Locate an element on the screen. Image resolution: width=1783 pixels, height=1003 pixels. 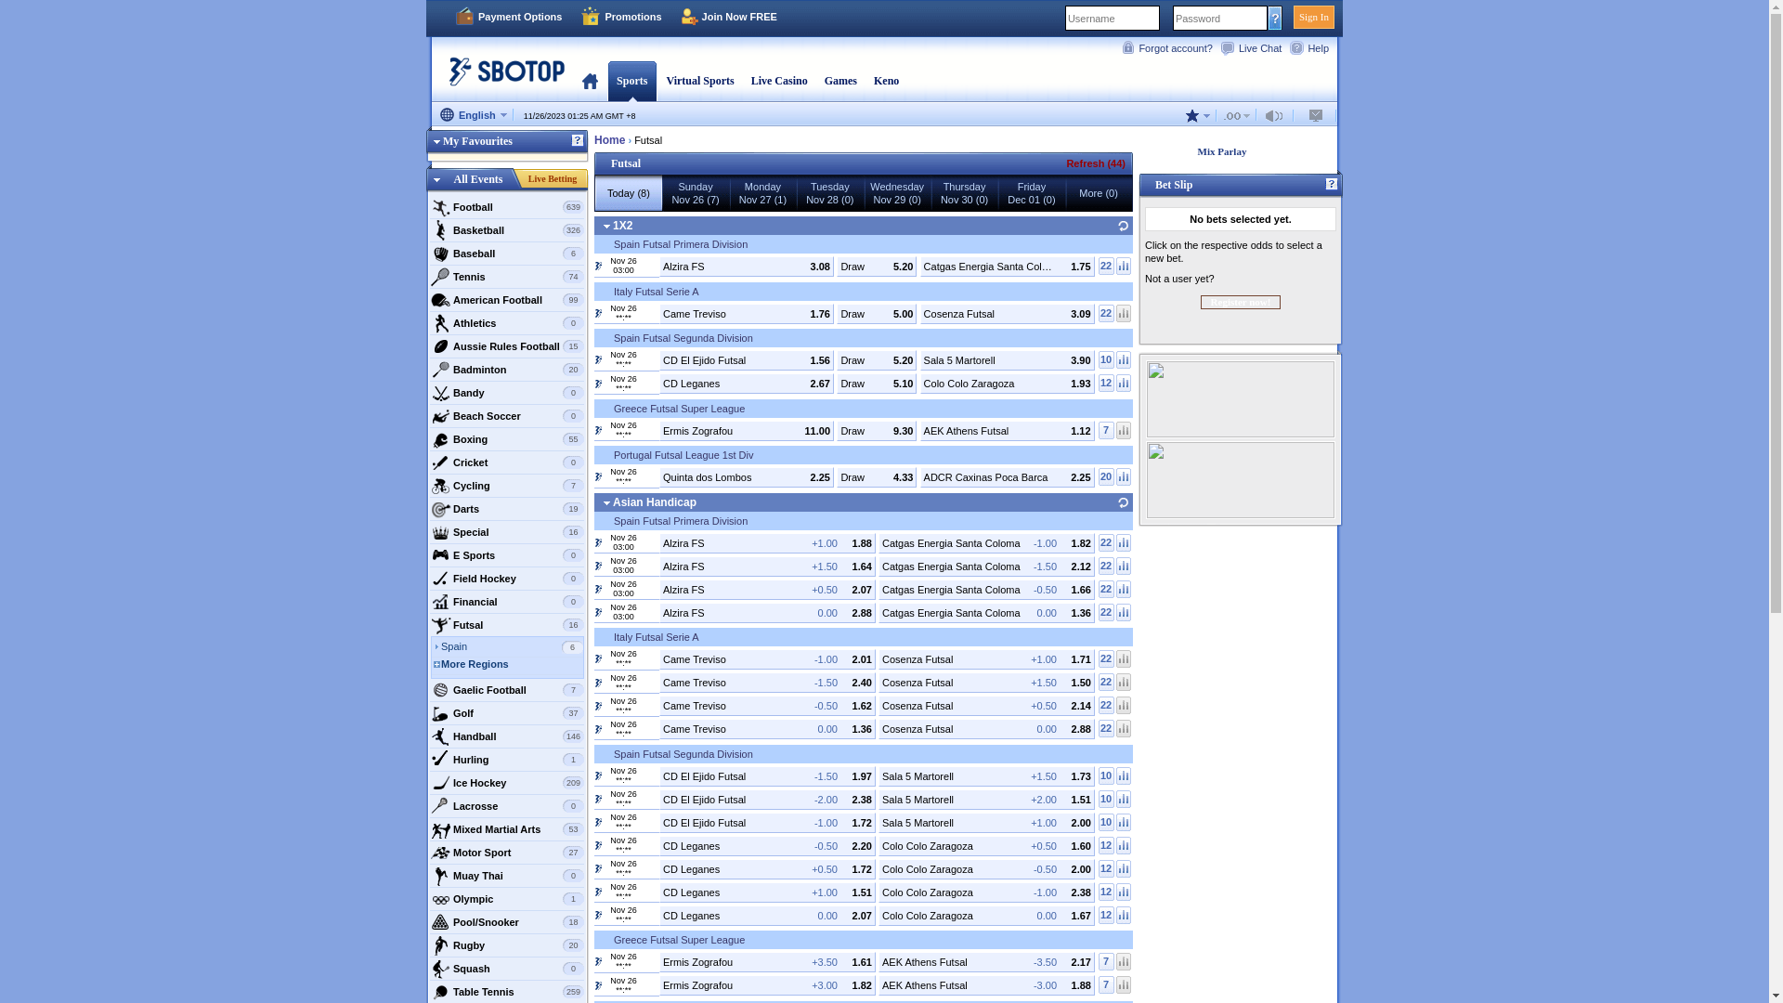
'Live Betting' is located at coordinates (552, 178).